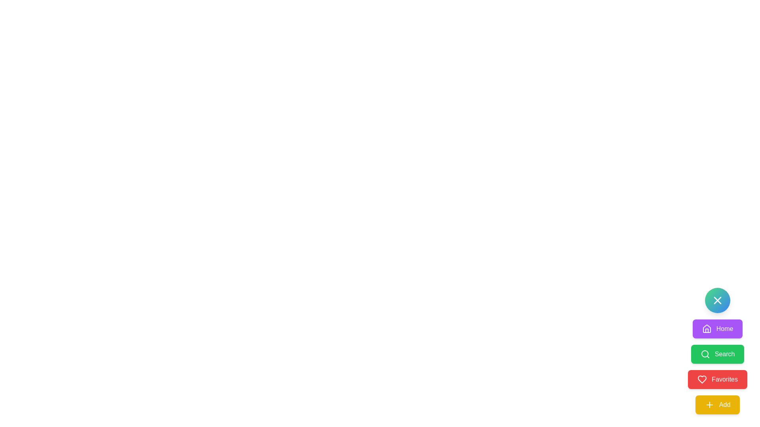 This screenshot has height=427, width=760. I want to click on the search icon, which is a magnifying glass shape with a green background, located to the left of the 'Search' label in the button-like structure, so click(705, 353).